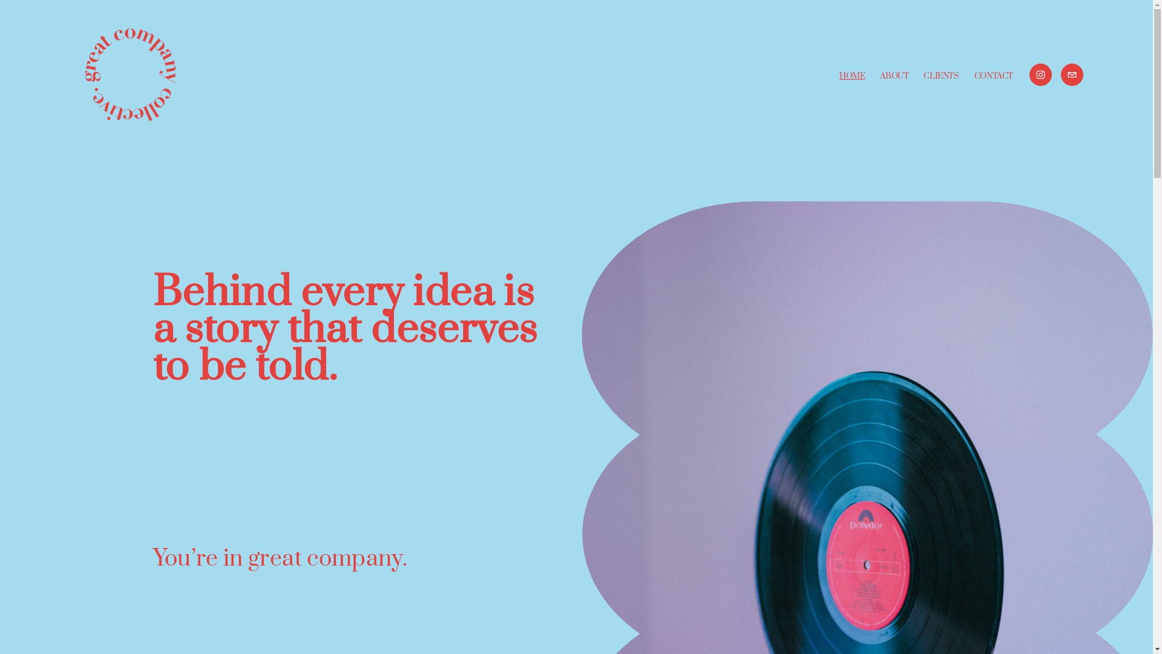 The width and height of the screenshot is (1162, 654). I want to click on 'HOME', so click(851, 76).